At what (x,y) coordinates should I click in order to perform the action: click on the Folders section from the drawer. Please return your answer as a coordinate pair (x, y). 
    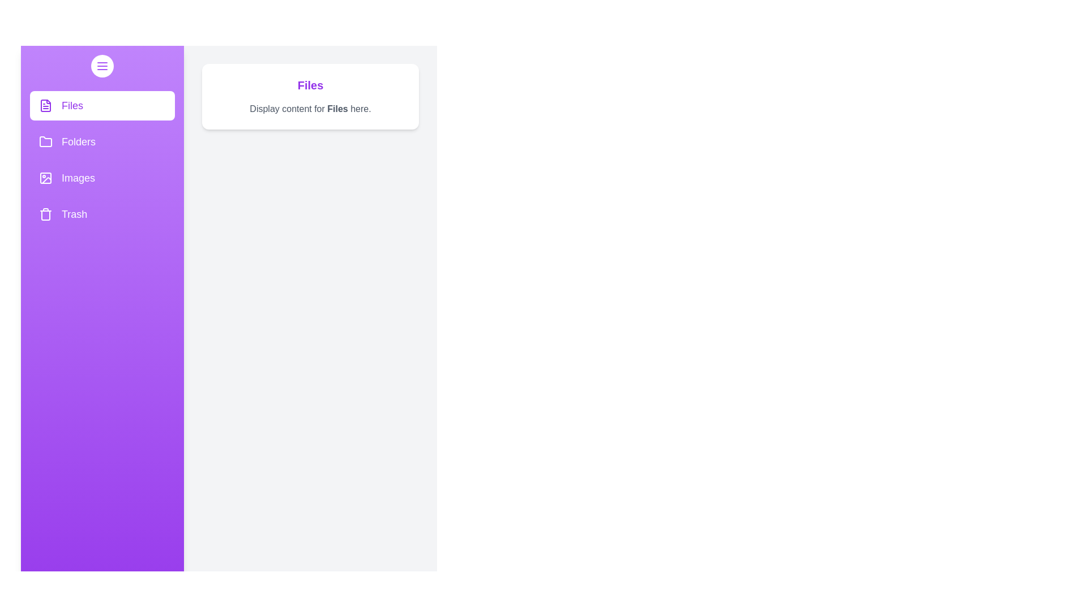
    Looking at the image, I should click on (102, 141).